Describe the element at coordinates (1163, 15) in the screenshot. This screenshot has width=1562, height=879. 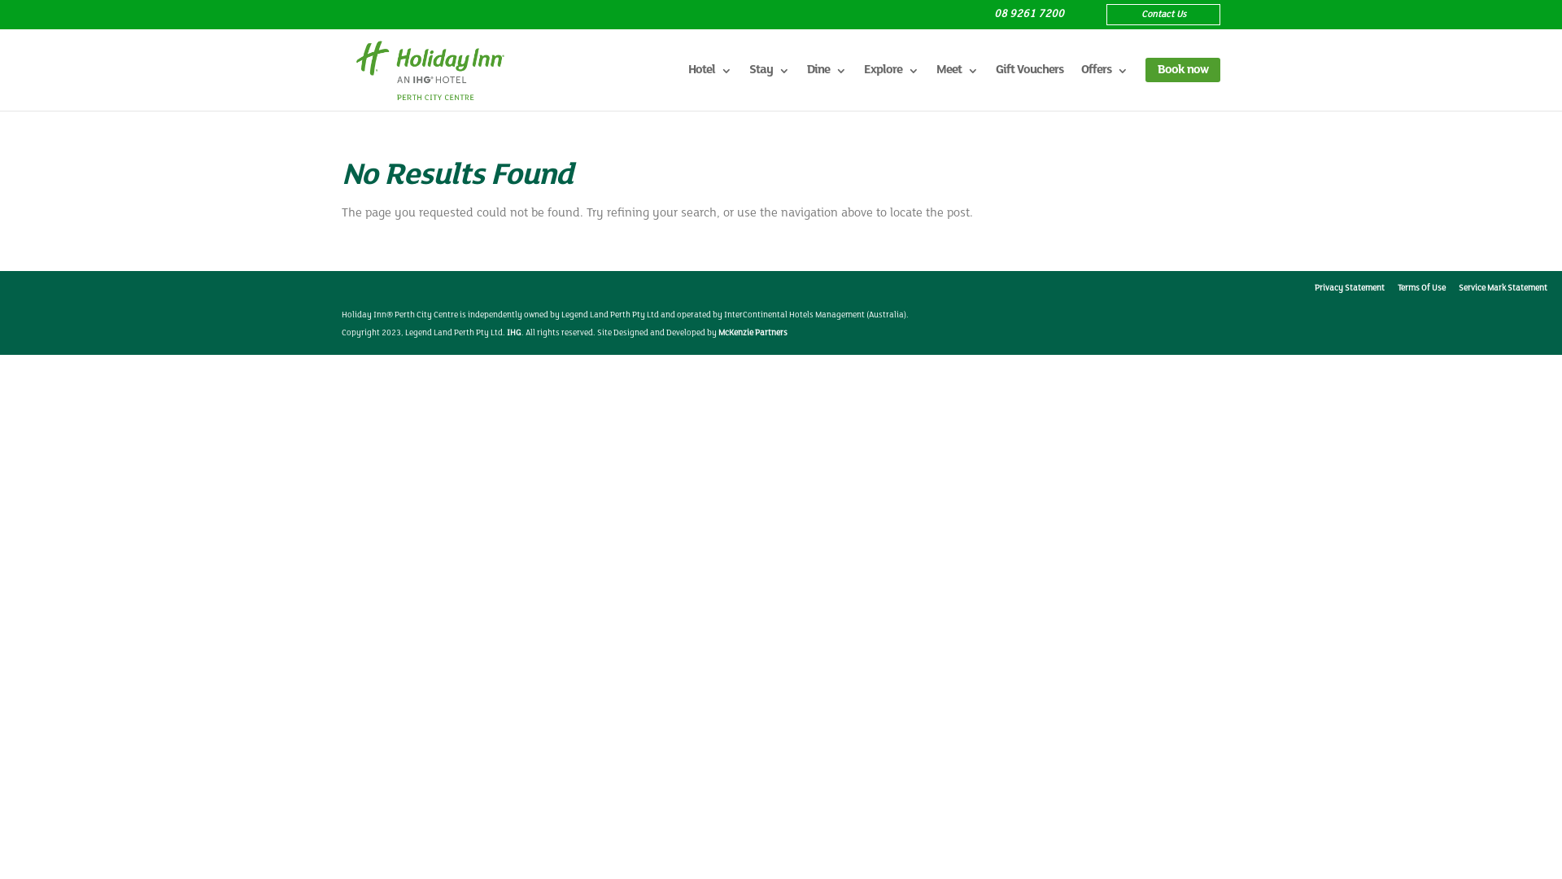
I see `'Contact Us'` at that location.